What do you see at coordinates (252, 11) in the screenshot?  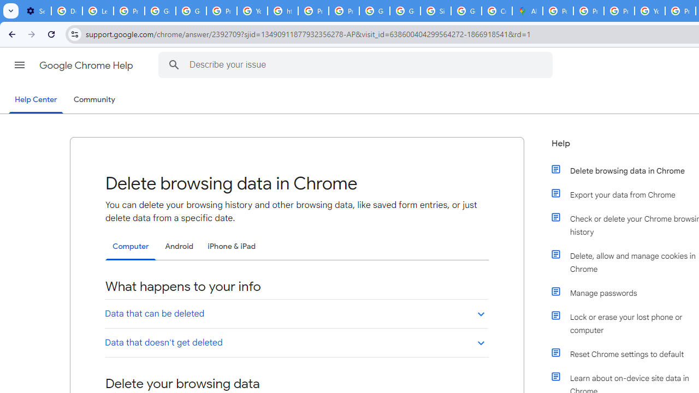 I see `'YouTube'` at bounding box center [252, 11].